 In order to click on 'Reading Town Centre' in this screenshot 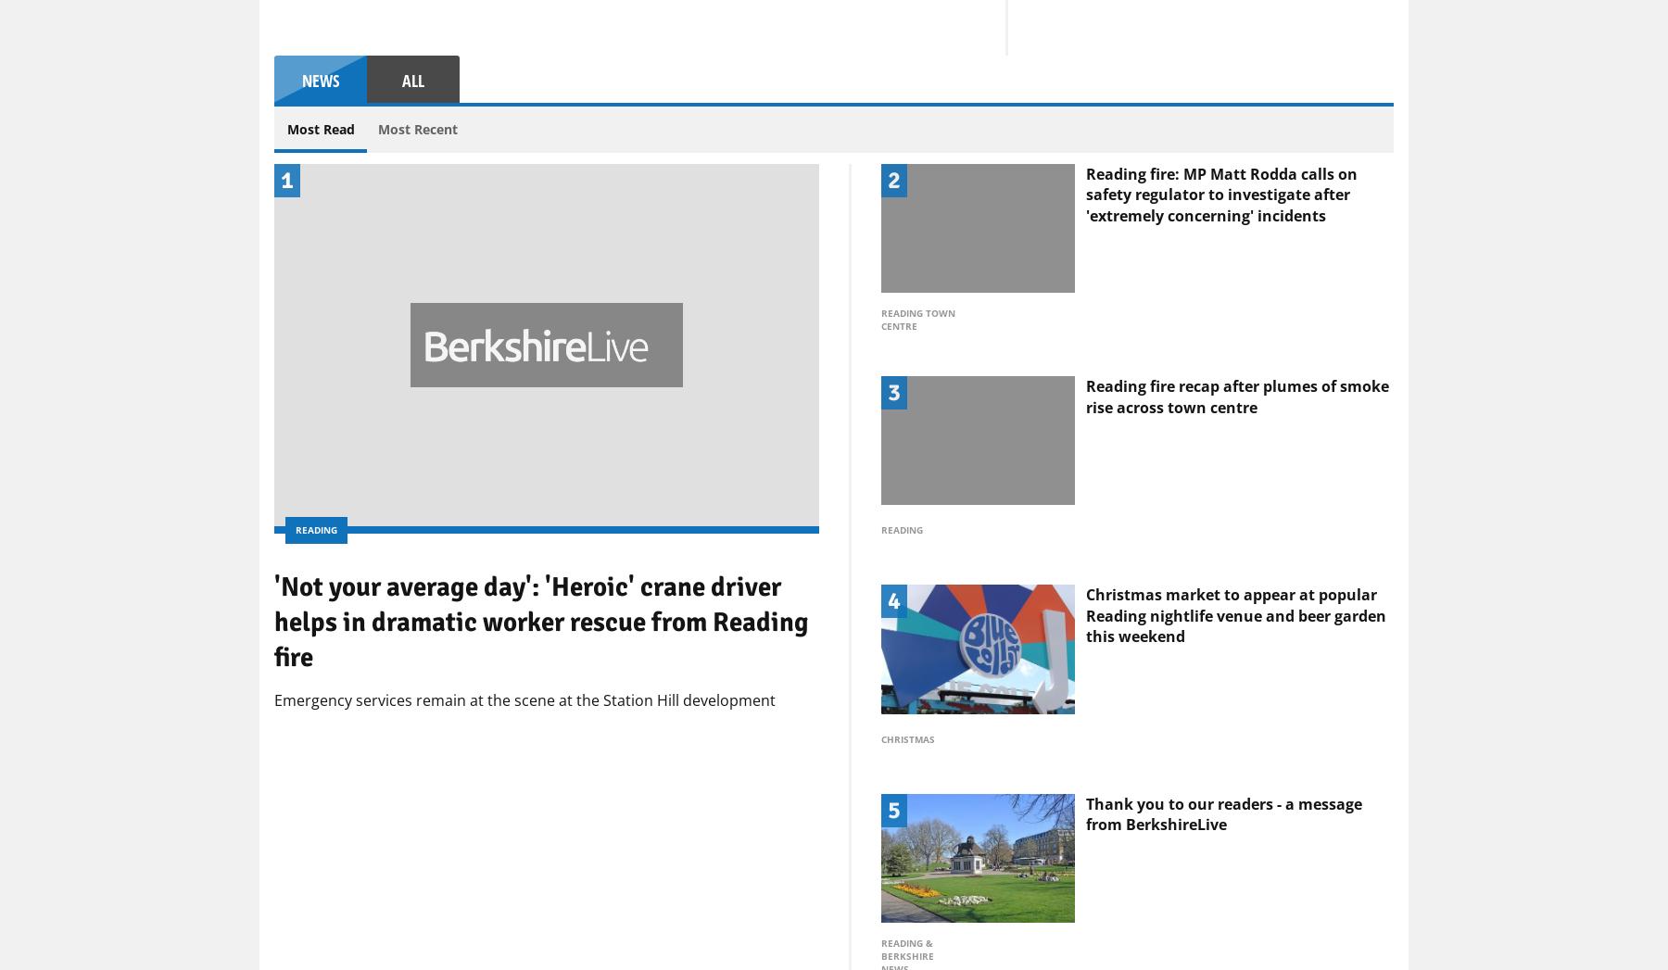, I will do `click(917, 466)`.